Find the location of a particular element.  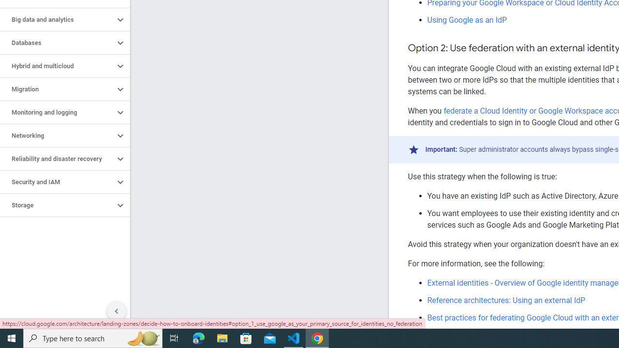

'Security and IAM' is located at coordinates (57, 182).